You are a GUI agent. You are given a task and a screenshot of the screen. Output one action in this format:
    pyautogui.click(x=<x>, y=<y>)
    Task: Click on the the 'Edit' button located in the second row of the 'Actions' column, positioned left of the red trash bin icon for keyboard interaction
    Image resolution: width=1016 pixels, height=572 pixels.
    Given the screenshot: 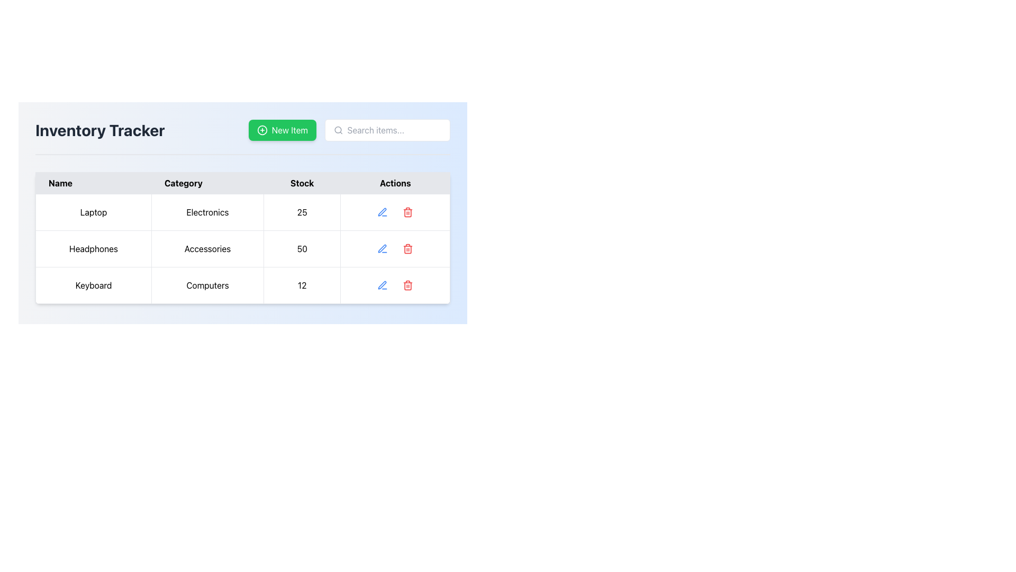 What is the action you would take?
    pyautogui.click(x=382, y=248)
    